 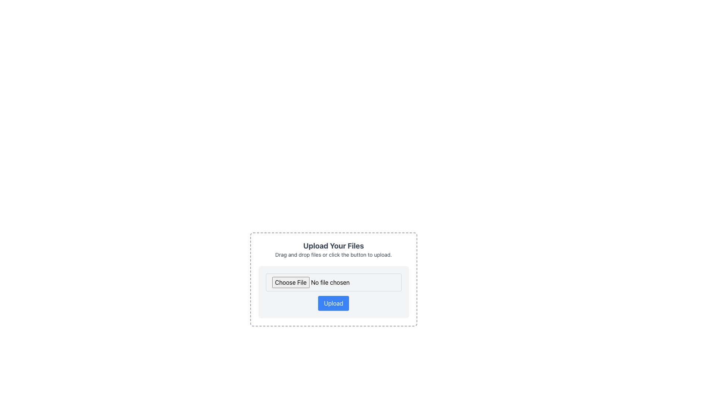 What do you see at coordinates (333, 303) in the screenshot?
I see `the button that triggers the upload process for the selected file, located within the 'Upload Your Files' section` at bounding box center [333, 303].